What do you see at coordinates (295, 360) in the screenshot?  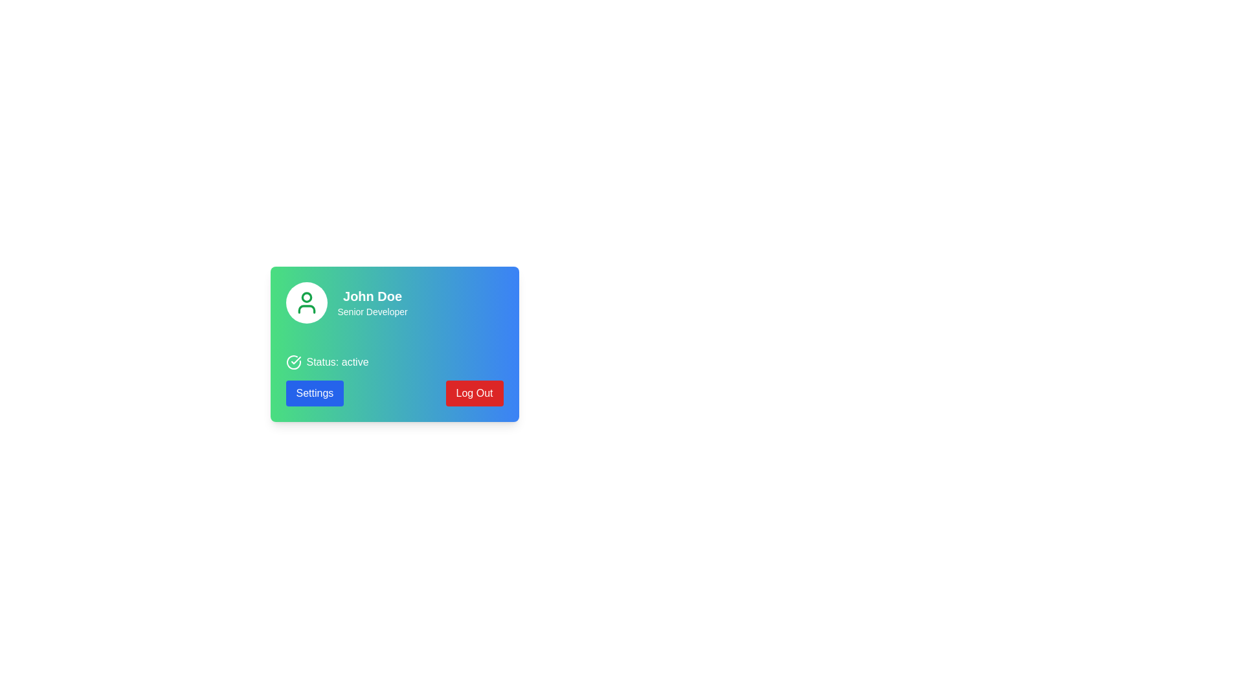 I see `the check mark icon that symbolizes a positive action or validation, located within the circular badge and aligned to its right` at bounding box center [295, 360].